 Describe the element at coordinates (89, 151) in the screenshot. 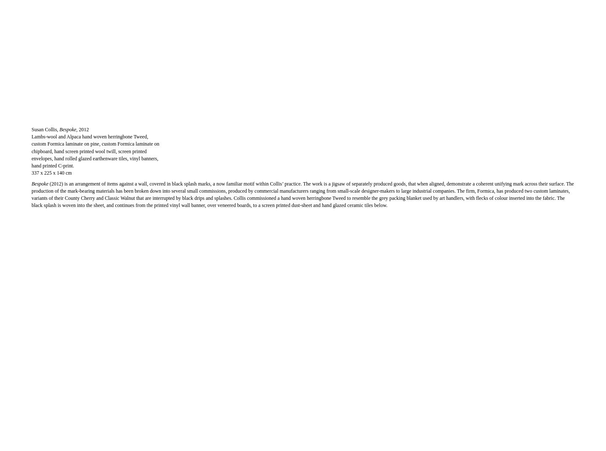

I see `'chipboard, hand screen printed wool twill, screen printed'` at that location.